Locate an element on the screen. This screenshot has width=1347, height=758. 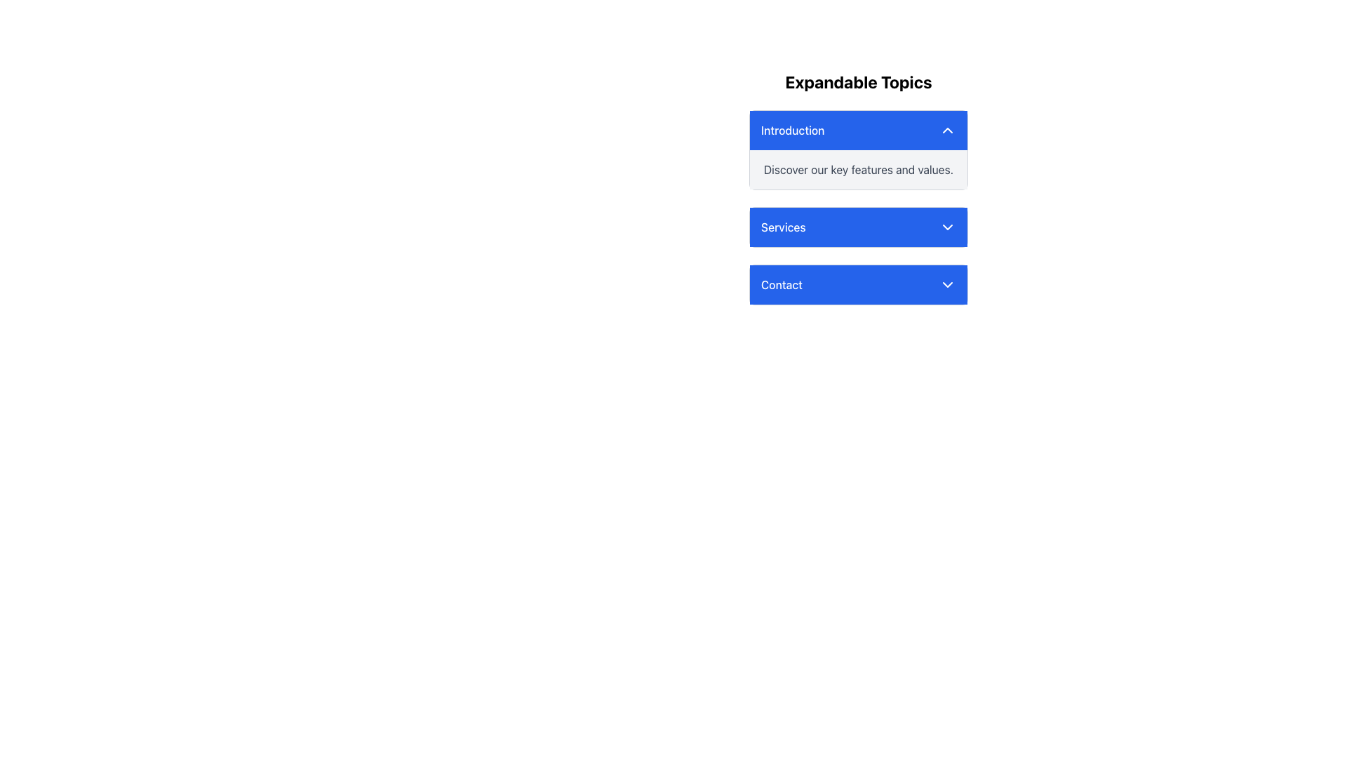
the Dropdown Toggle Indicator, a chevron icon with white strokes on a blue background located in the top-right corner of the blue header area in the 'Introduction' section is located at coordinates (947, 130).